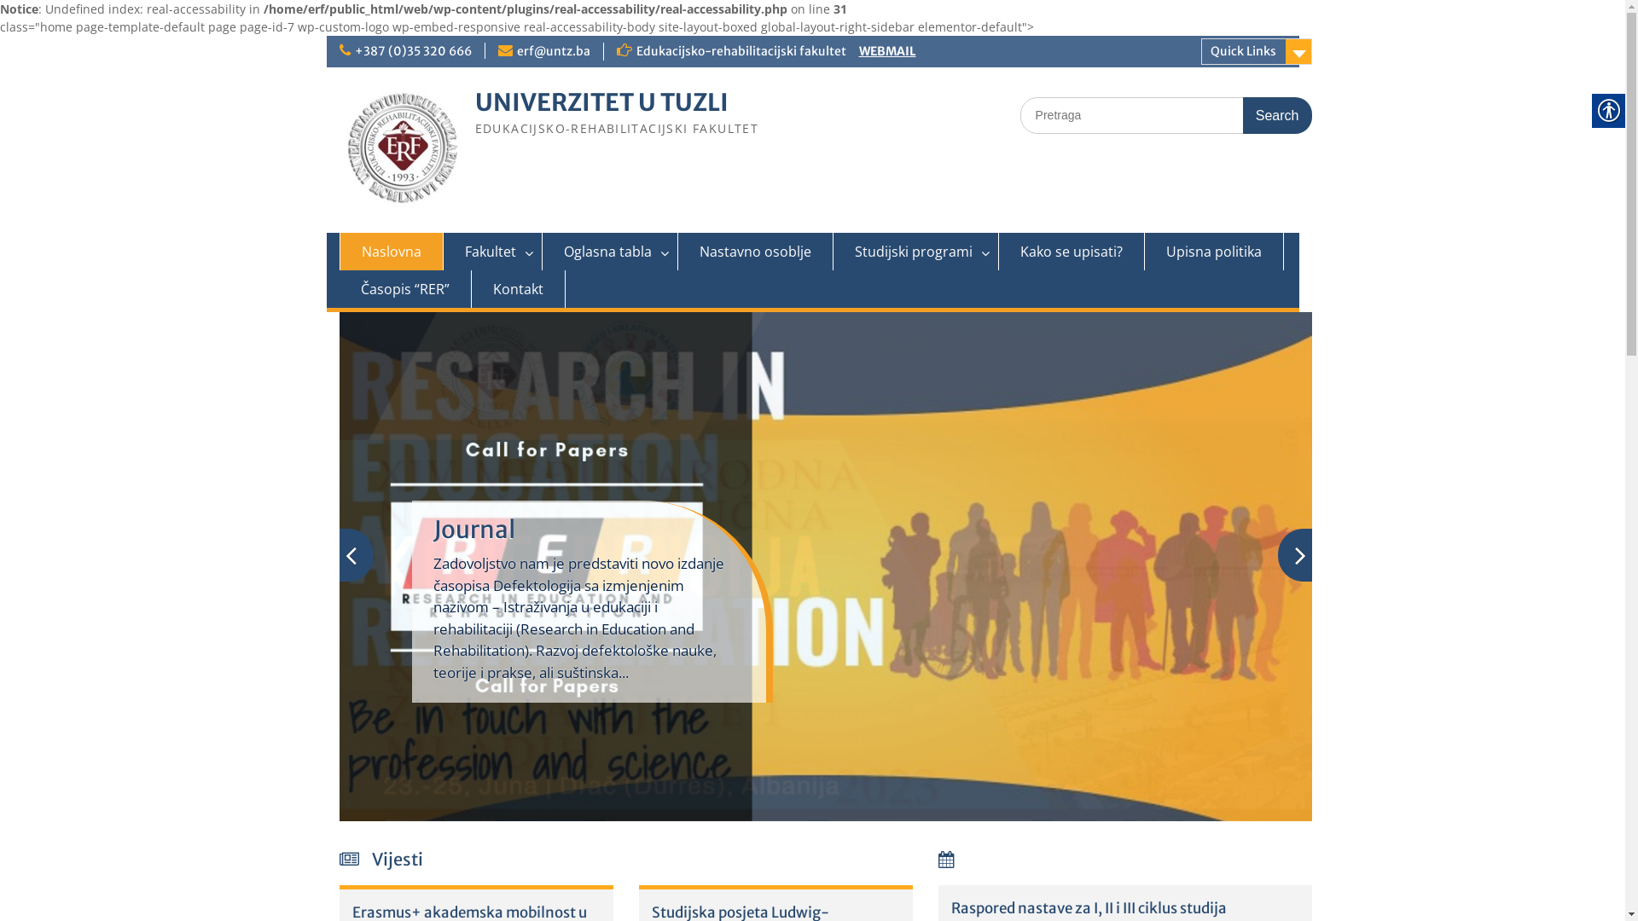 This screenshot has height=921, width=1638. Describe the element at coordinates (1277, 115) in the screenshot. I see `'Search'` at that location.